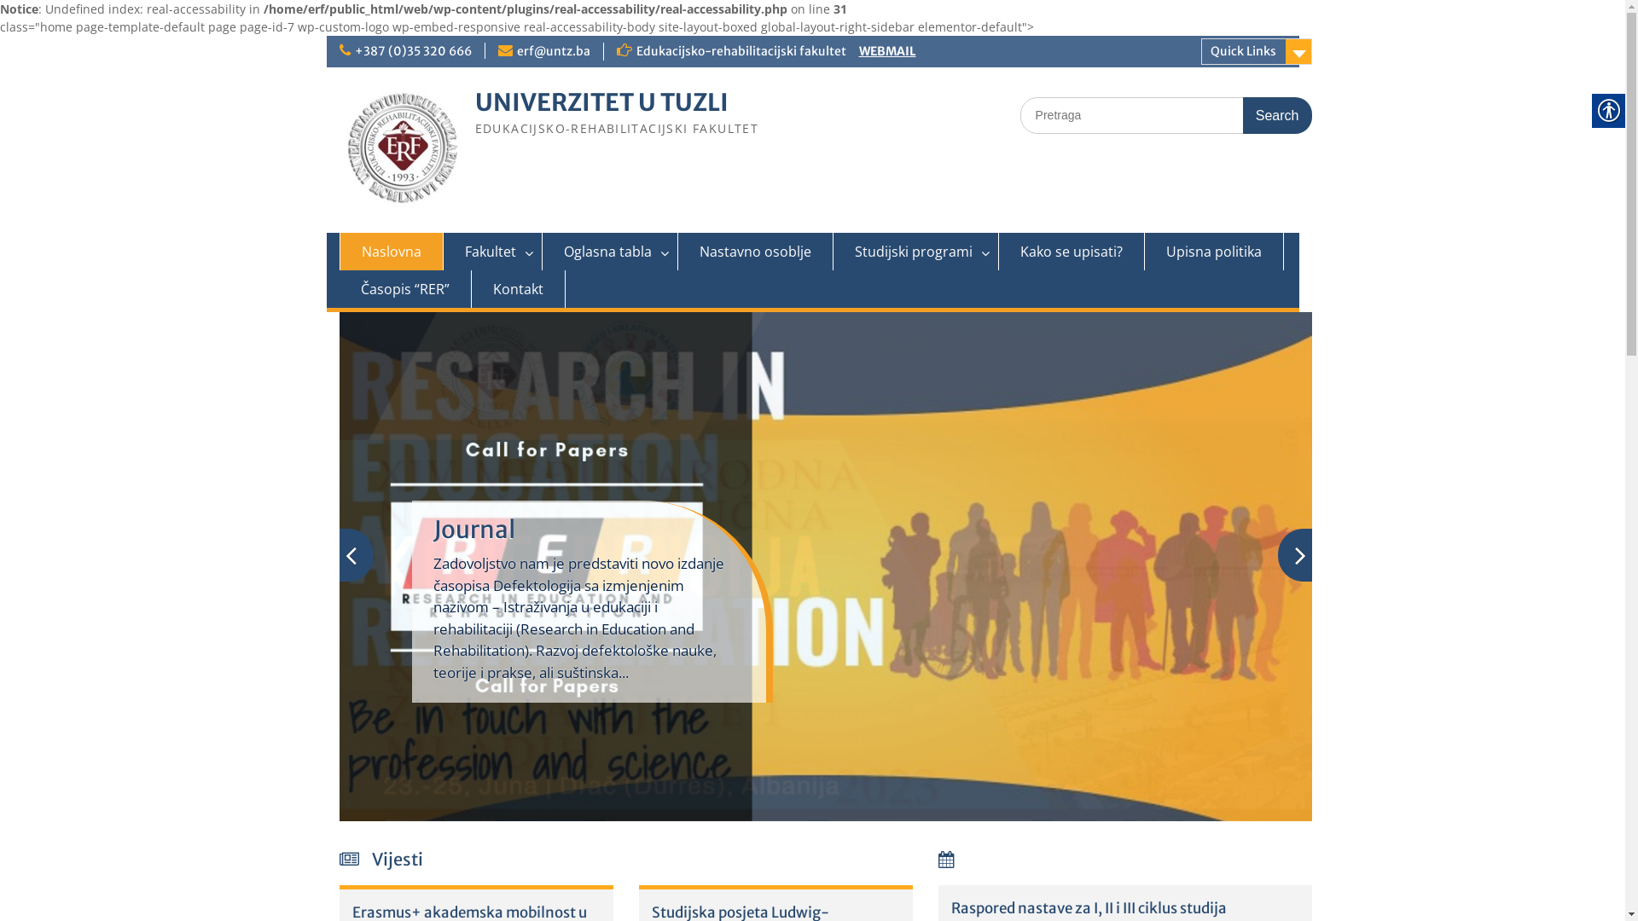 This screenshot has height=921, width=1638. Describe the element at coordinates (1277, 115) in the screenshot. I see `'Search'` at that location.